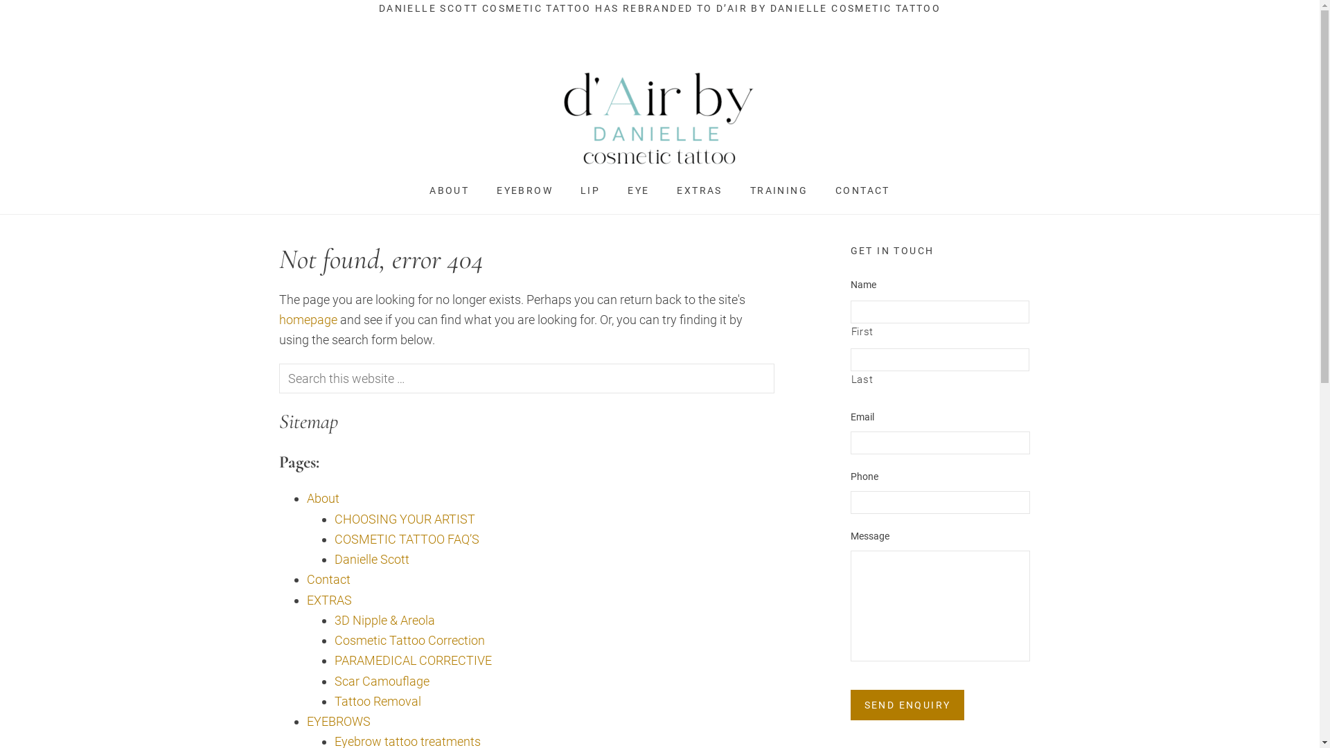  What do you see at coordinates (307, 319) in the screenshot?
I see `'homepage'` at bounding box center [307, 319].